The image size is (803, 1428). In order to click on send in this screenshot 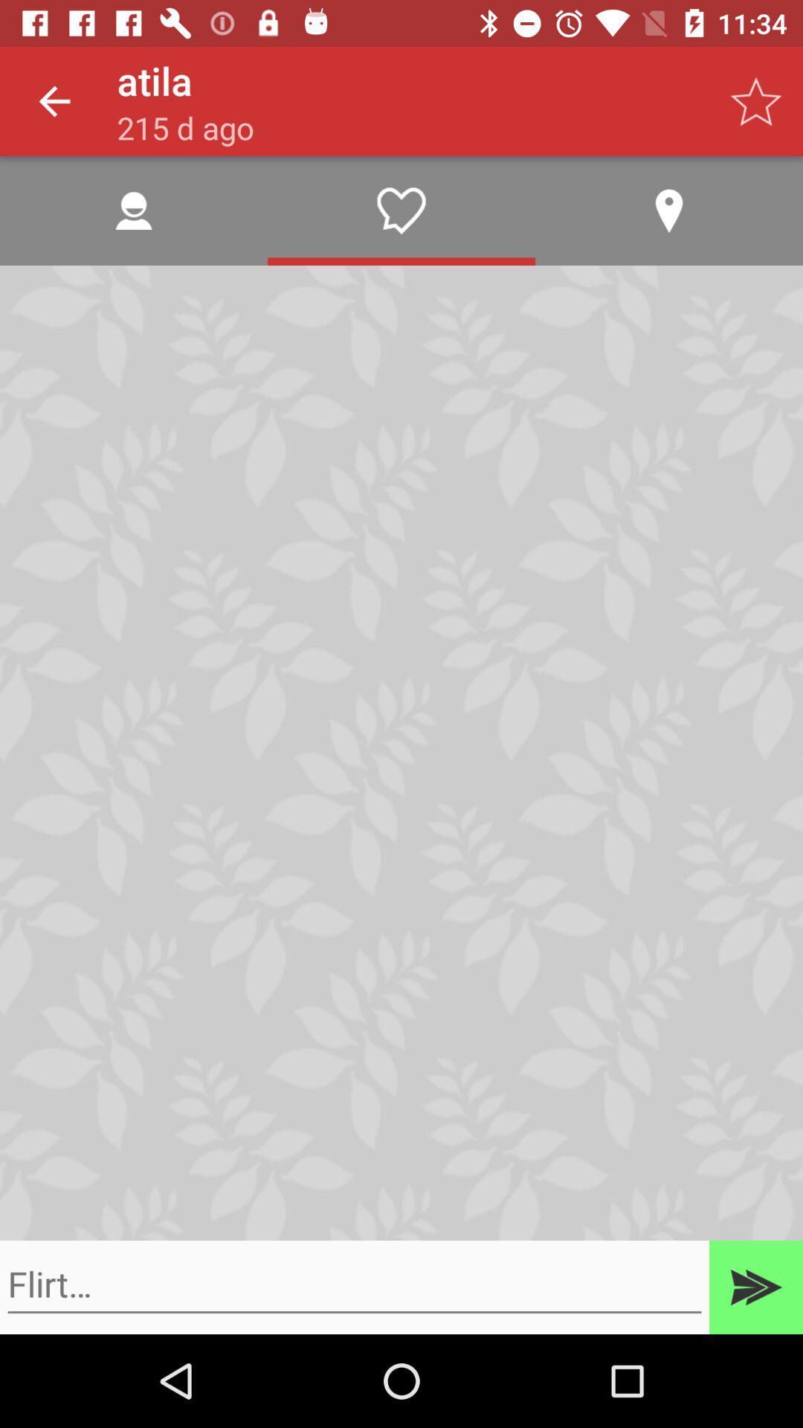, I will do `click(756, 1287)`.